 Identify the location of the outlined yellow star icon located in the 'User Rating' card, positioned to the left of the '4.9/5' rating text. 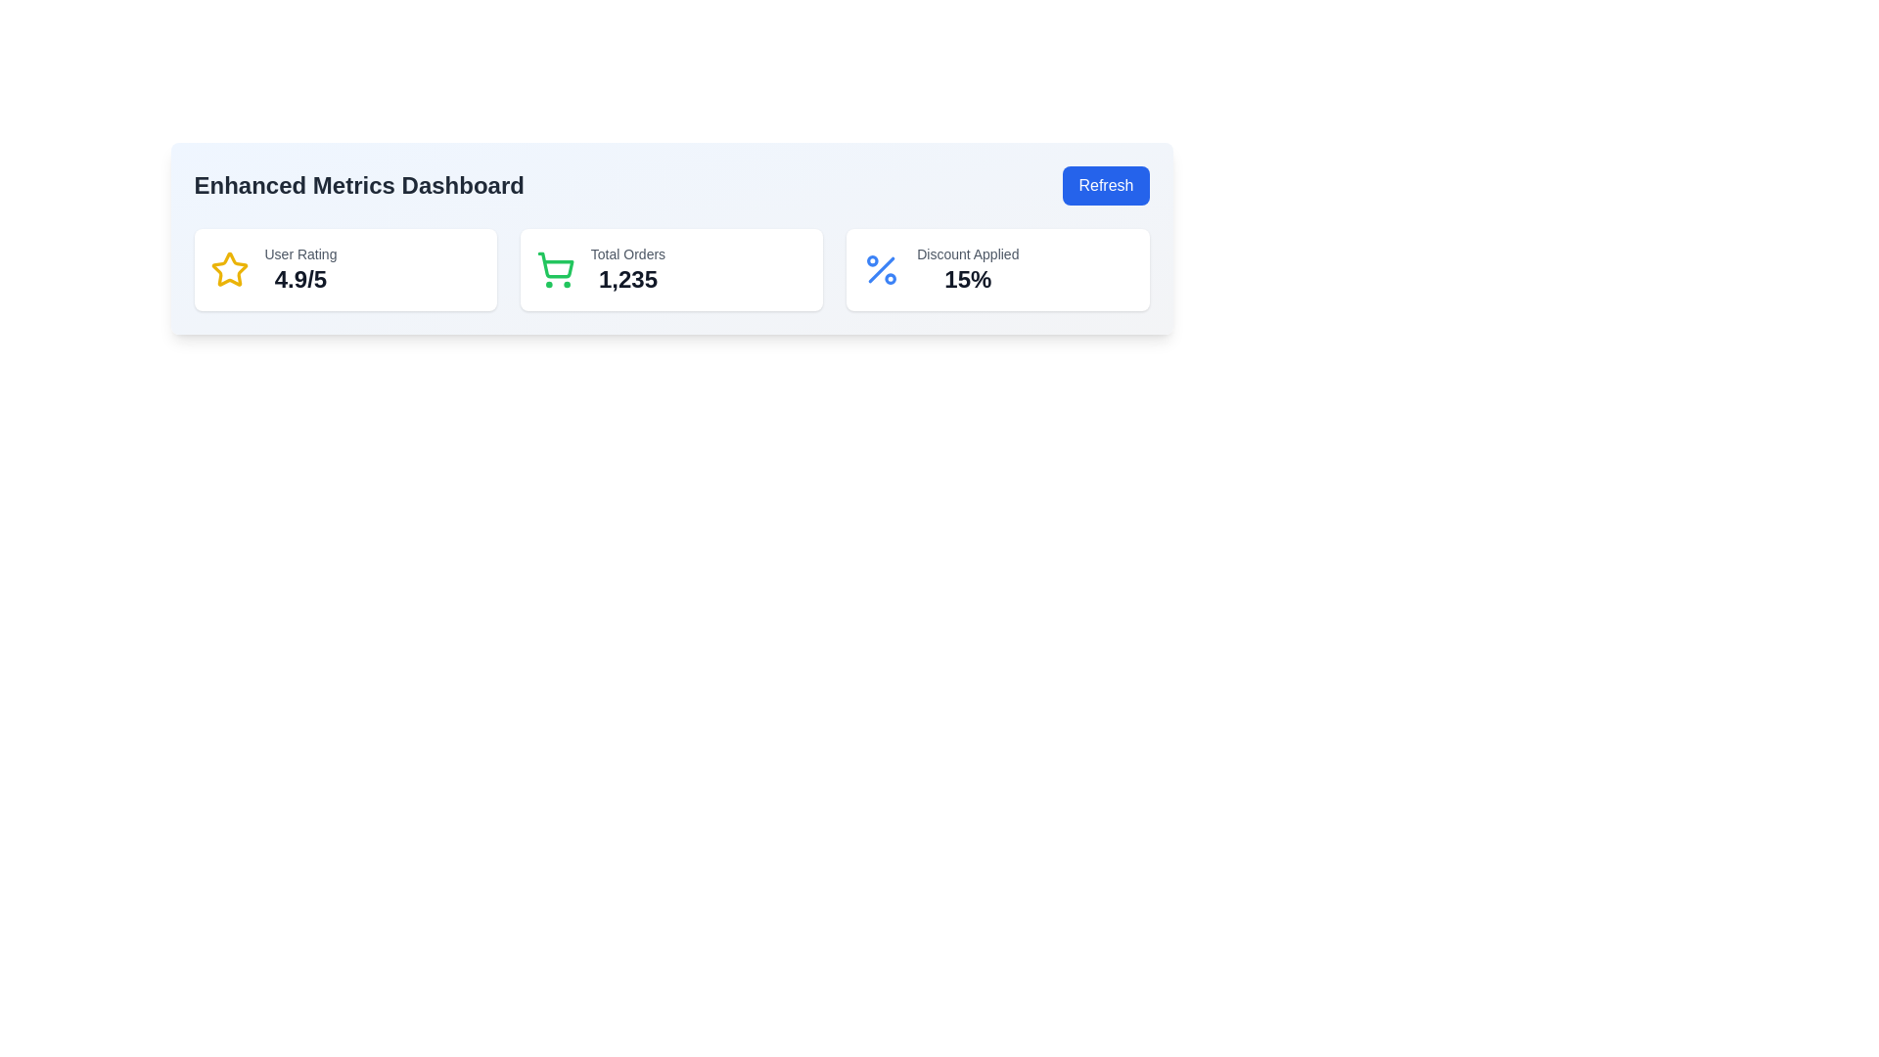
(229, 270).